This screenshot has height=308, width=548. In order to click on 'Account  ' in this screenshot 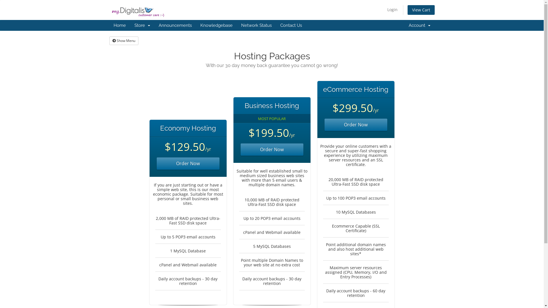, I will do `click(419, 25)`.